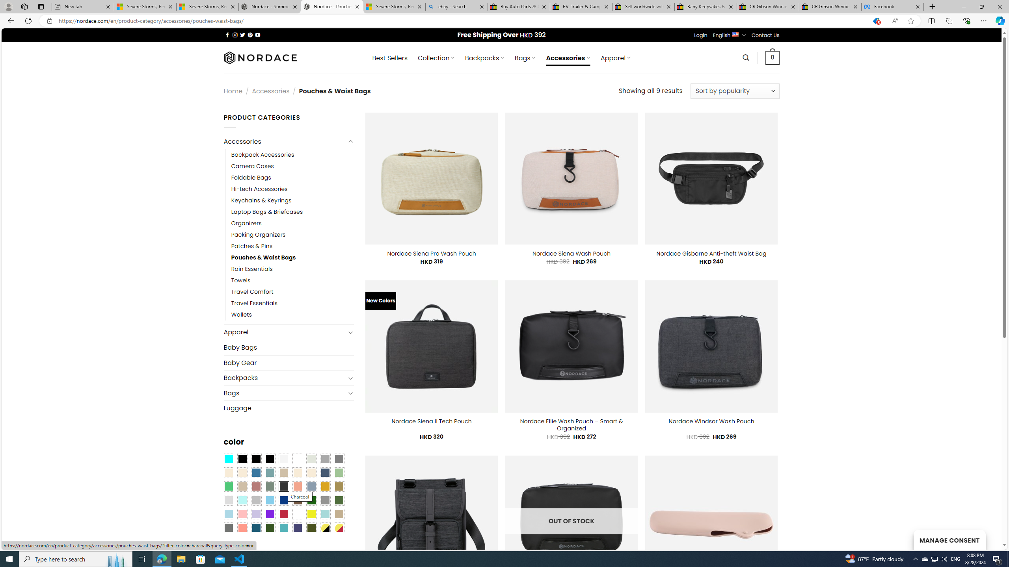  What do you see at coordinates (254, 303) in the screenshot?
I see `'Travel Essentials'` at bounding box center [254, 303].